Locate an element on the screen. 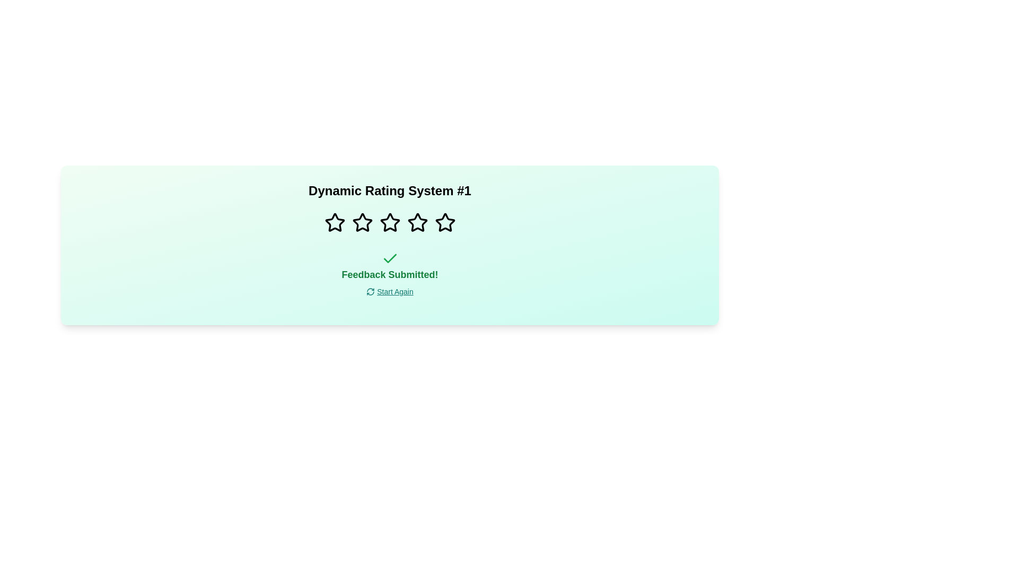 The width and height of the screenshot is (1018, 573). the first star icon in the rating system is located at coordinates (334, 222).